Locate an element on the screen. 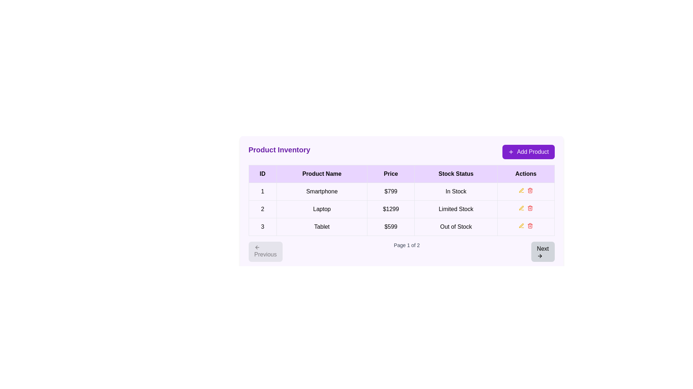 Image resolution: width=693 pixels, height=389 pixels. the table cell containing the number '2' located in the second row under the 'ID' column of the product inventory table is located at coordinates (262, 209).